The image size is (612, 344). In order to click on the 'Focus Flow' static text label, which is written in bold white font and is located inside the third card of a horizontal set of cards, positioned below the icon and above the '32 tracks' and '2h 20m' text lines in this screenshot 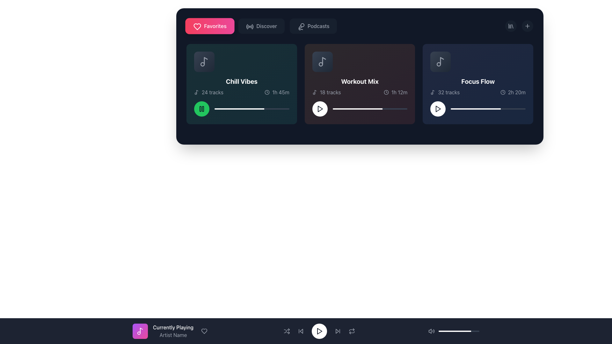, I will do `click(478, 81)`.